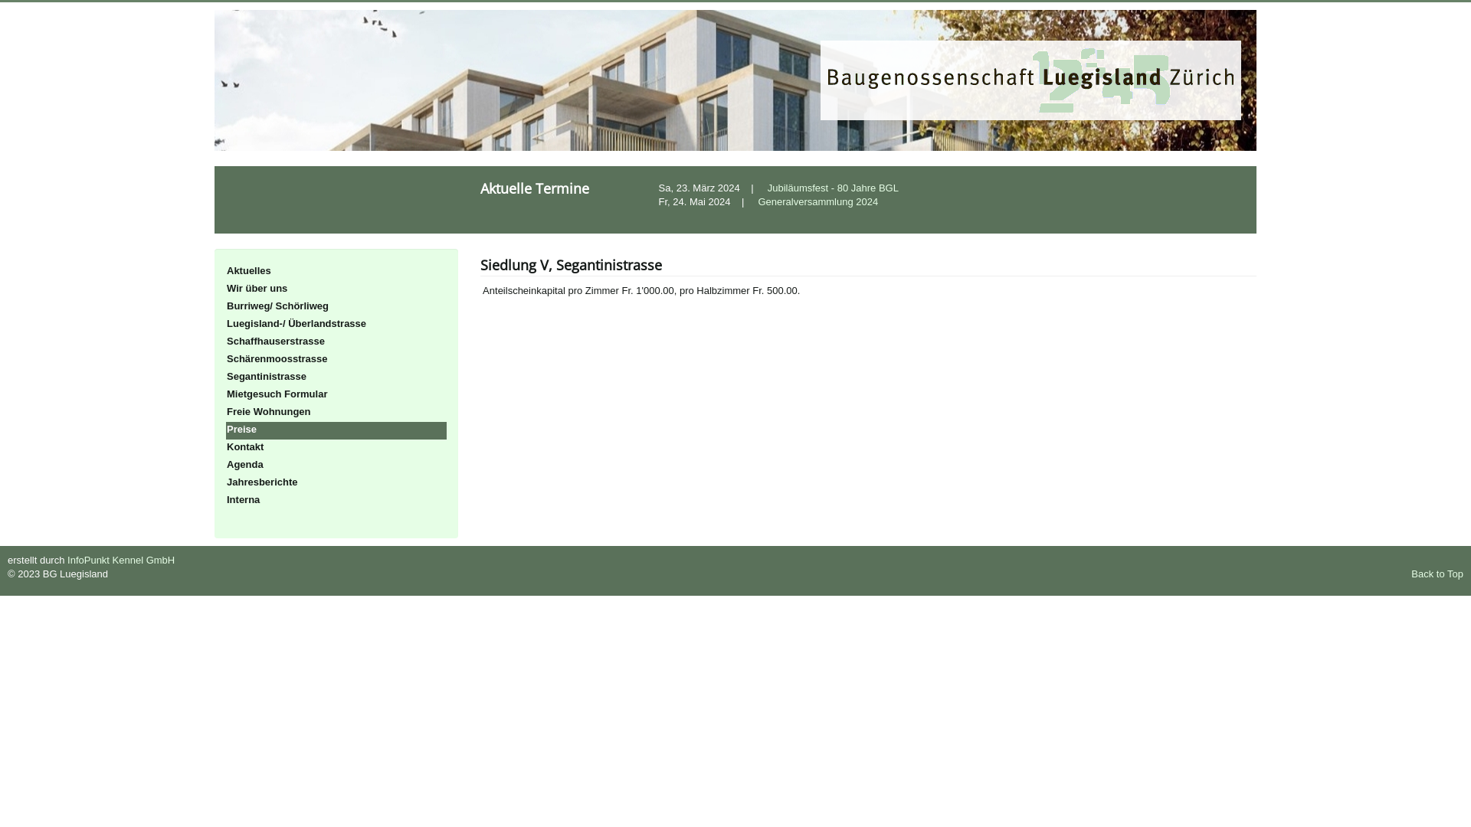 The image size is (1471, 827). I want to click on 'Agenda', so click(335, 465).